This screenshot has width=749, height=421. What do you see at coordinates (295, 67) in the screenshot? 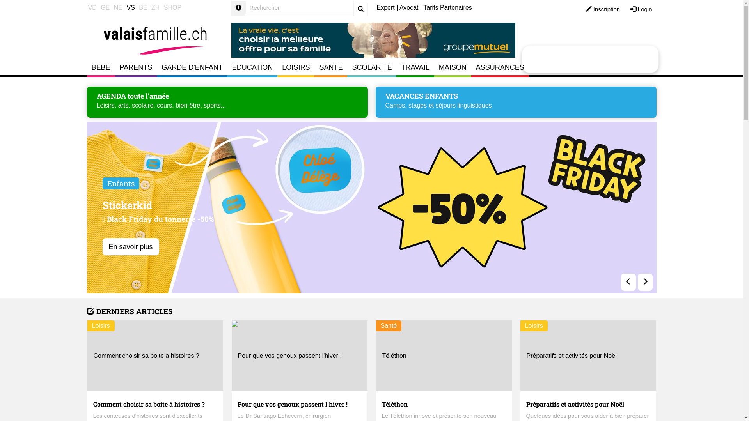
I see `'LOISIRS'` at bounding box center [295, 67].